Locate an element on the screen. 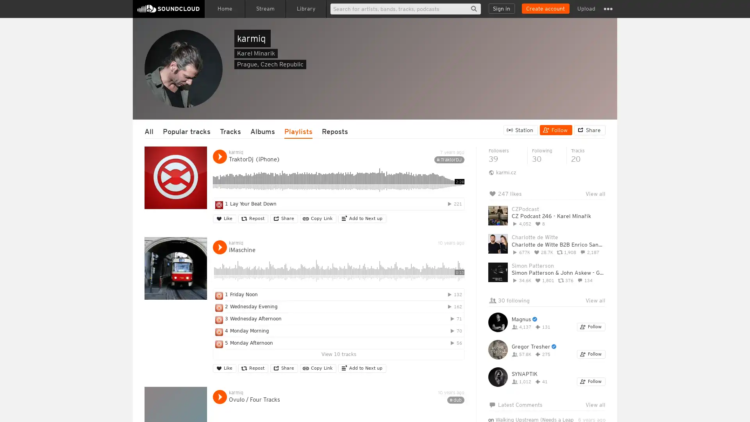 The height and width of the screenshot is (422, 750). Like is located at coordinates (224, 368).